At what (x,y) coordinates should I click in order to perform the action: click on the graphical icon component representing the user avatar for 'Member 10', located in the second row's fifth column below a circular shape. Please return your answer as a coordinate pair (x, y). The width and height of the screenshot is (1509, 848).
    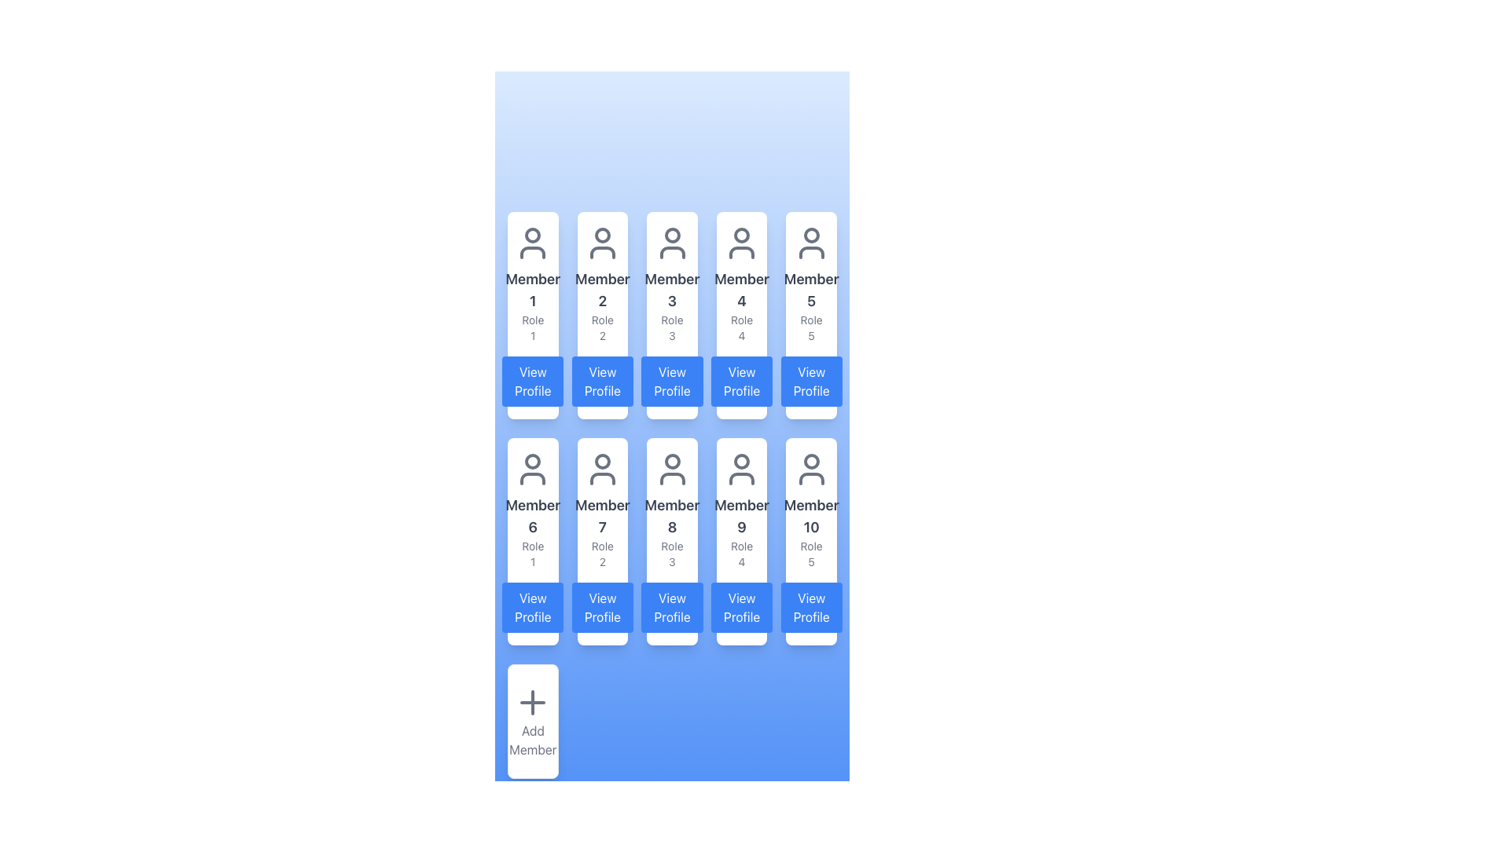
    Looking at the image, I should click on (811, 477).